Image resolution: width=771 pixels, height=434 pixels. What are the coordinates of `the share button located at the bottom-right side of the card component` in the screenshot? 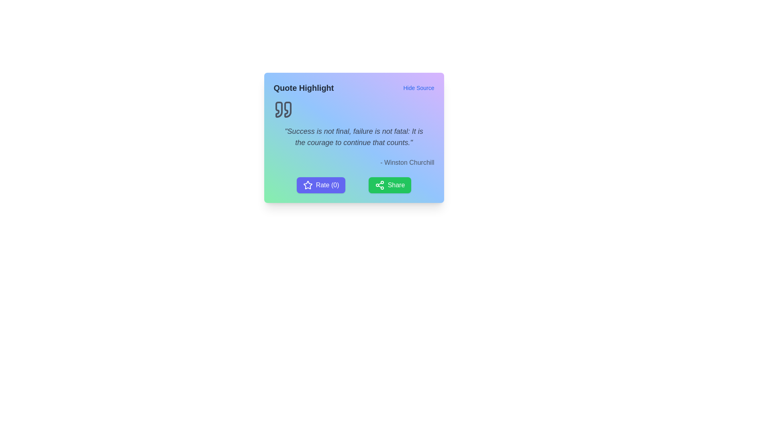 It's located at (390, 185).